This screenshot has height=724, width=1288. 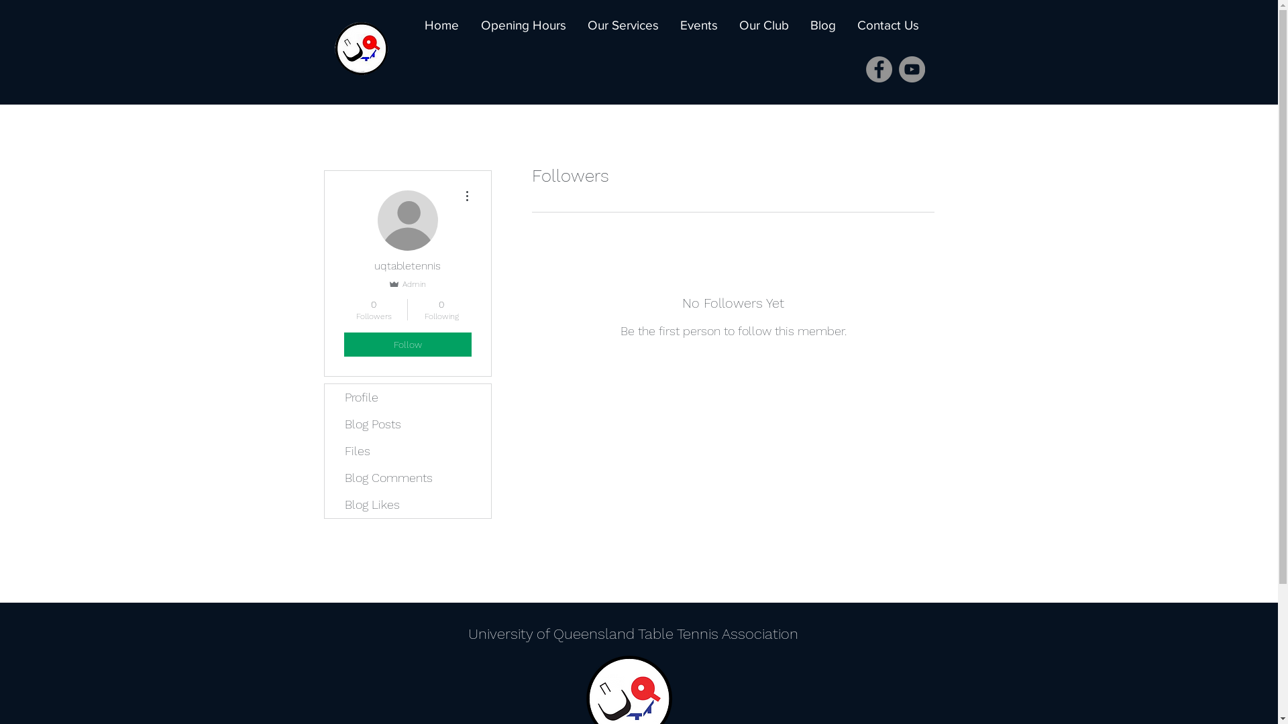 I want to click on 'Blog Likes', so click(x=407, y=504).